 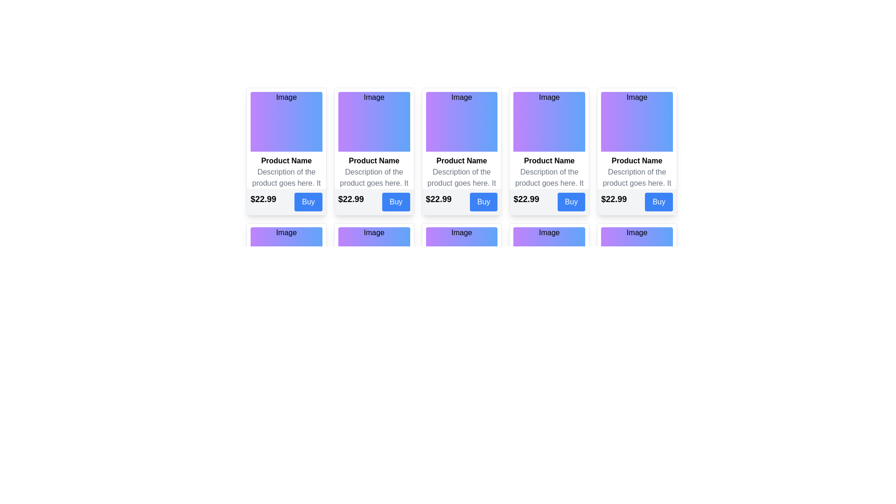 What do you see at coordinates (549, 151) in the screenshot?
I see `the fourth product card in the first row of the grid layout to view product details` at bounding box center [549, 151].